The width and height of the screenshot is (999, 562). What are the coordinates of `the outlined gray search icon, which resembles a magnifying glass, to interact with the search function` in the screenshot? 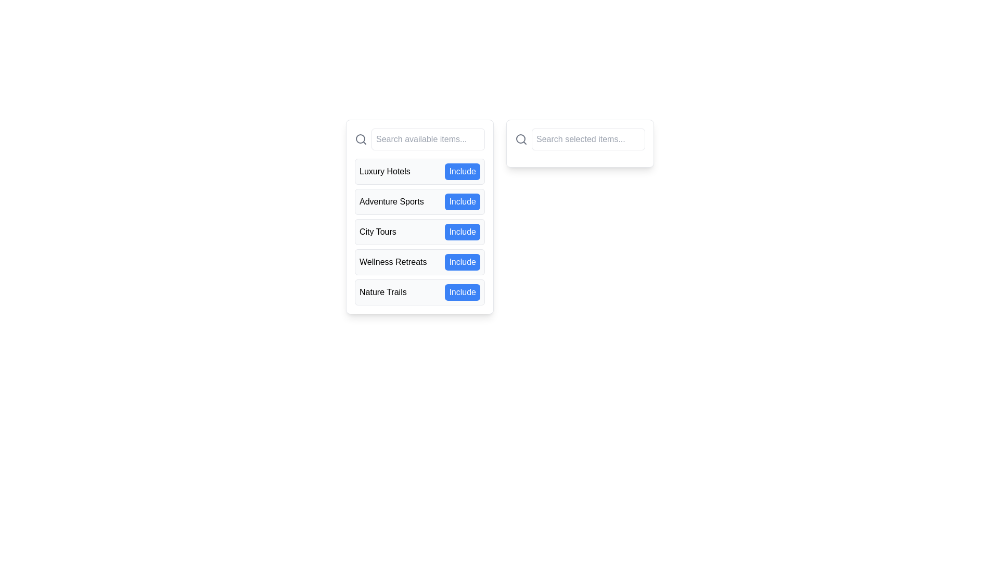 It's located at (521, 138).